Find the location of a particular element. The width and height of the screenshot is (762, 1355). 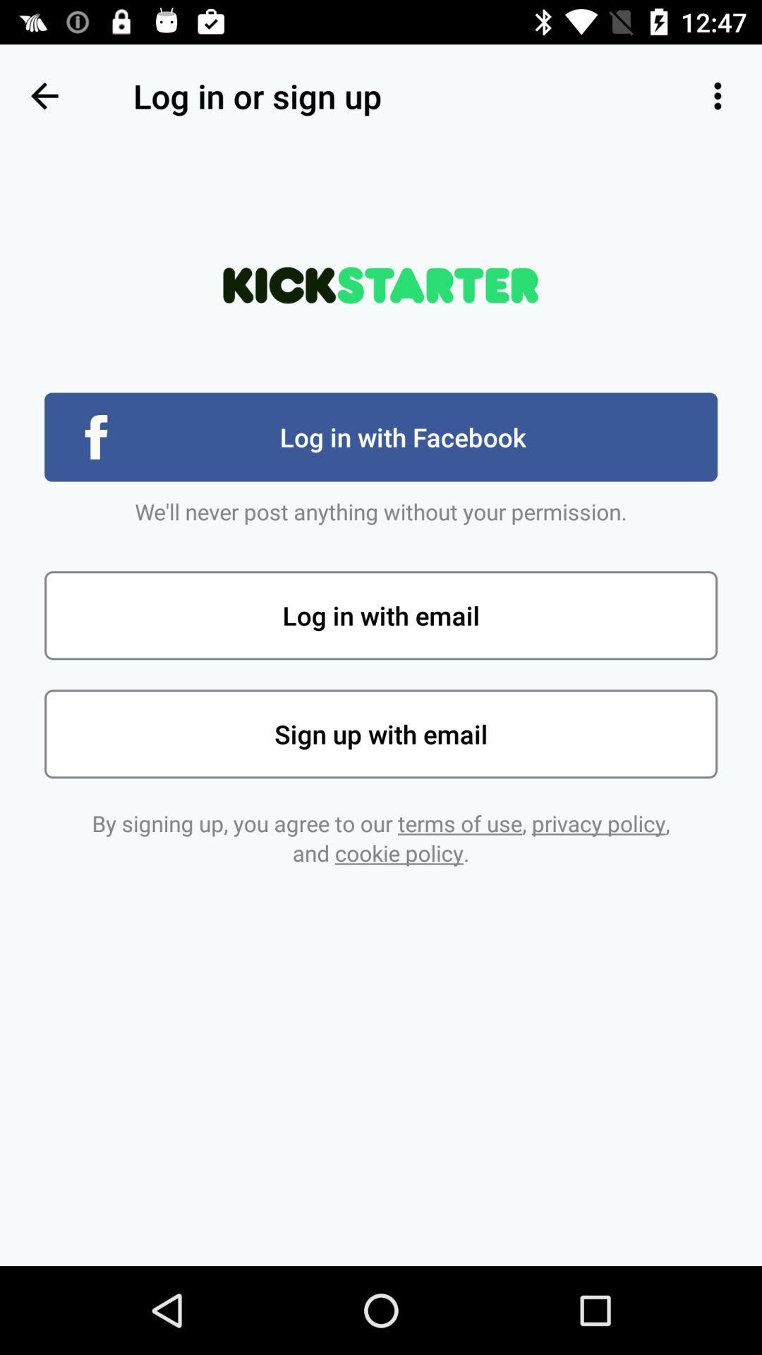

by signing up is located at coordinates (381, 838).